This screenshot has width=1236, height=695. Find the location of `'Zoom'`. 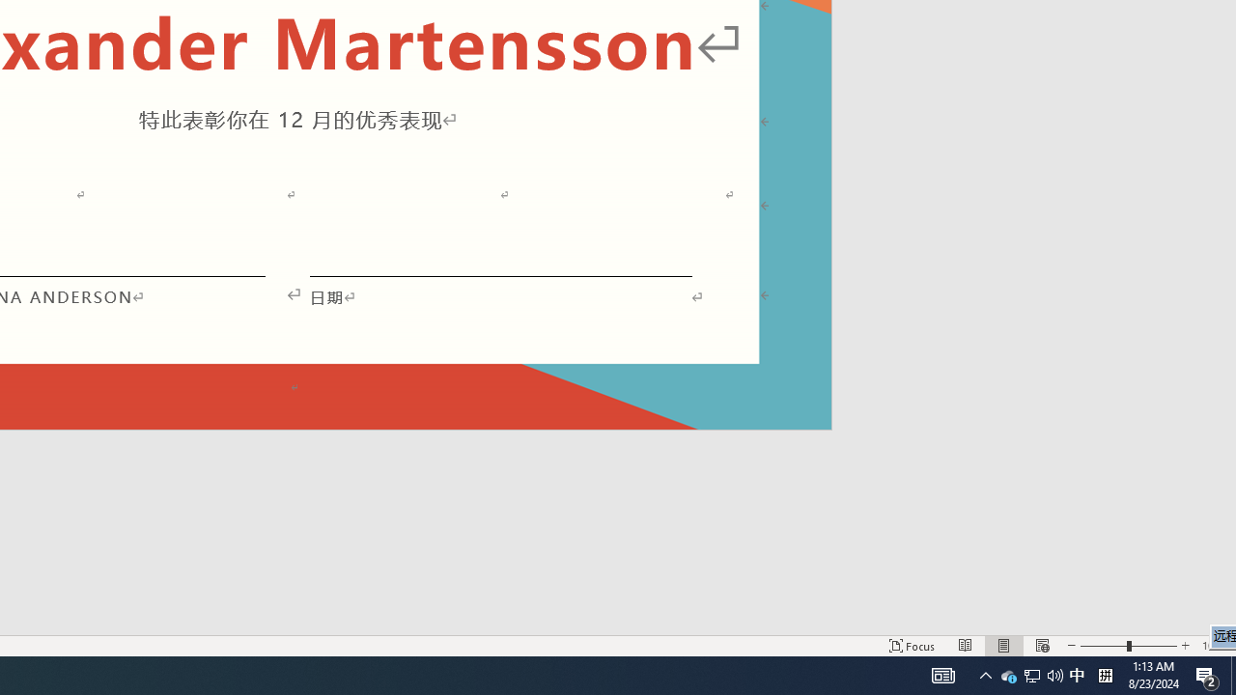

'Zoom' is located at coordinates (1128, 646).